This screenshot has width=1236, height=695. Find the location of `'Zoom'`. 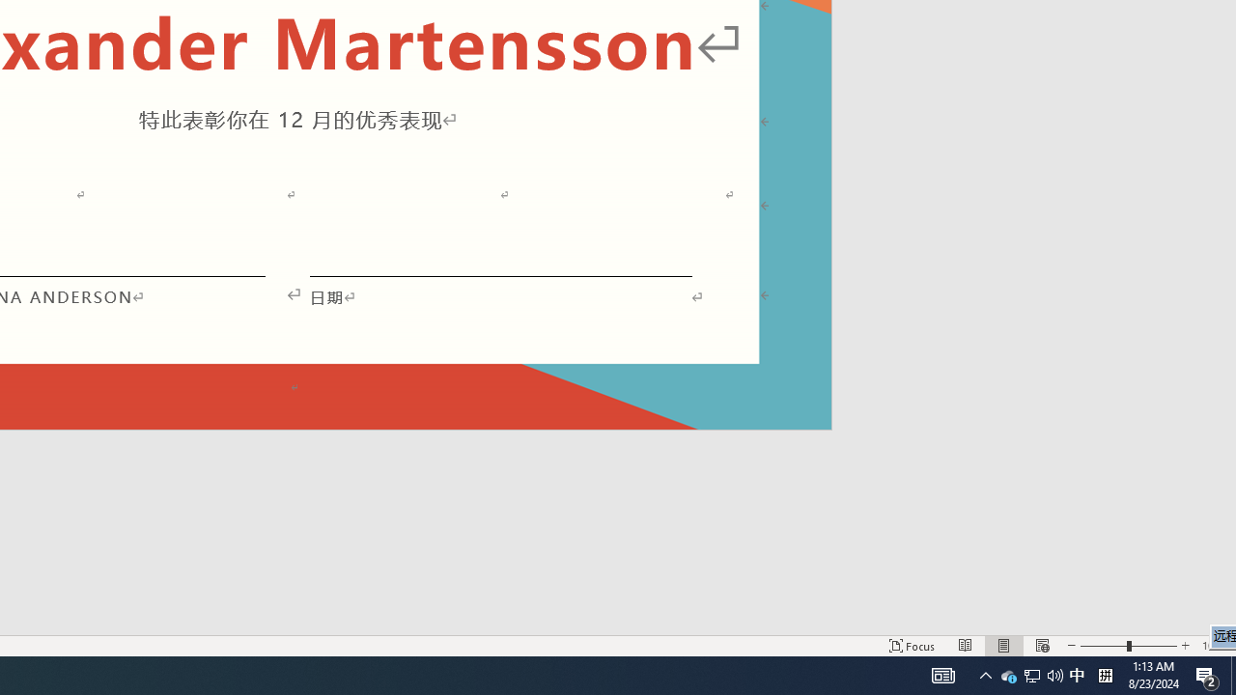

'Zoom' is located at coordinates (1128, 646).